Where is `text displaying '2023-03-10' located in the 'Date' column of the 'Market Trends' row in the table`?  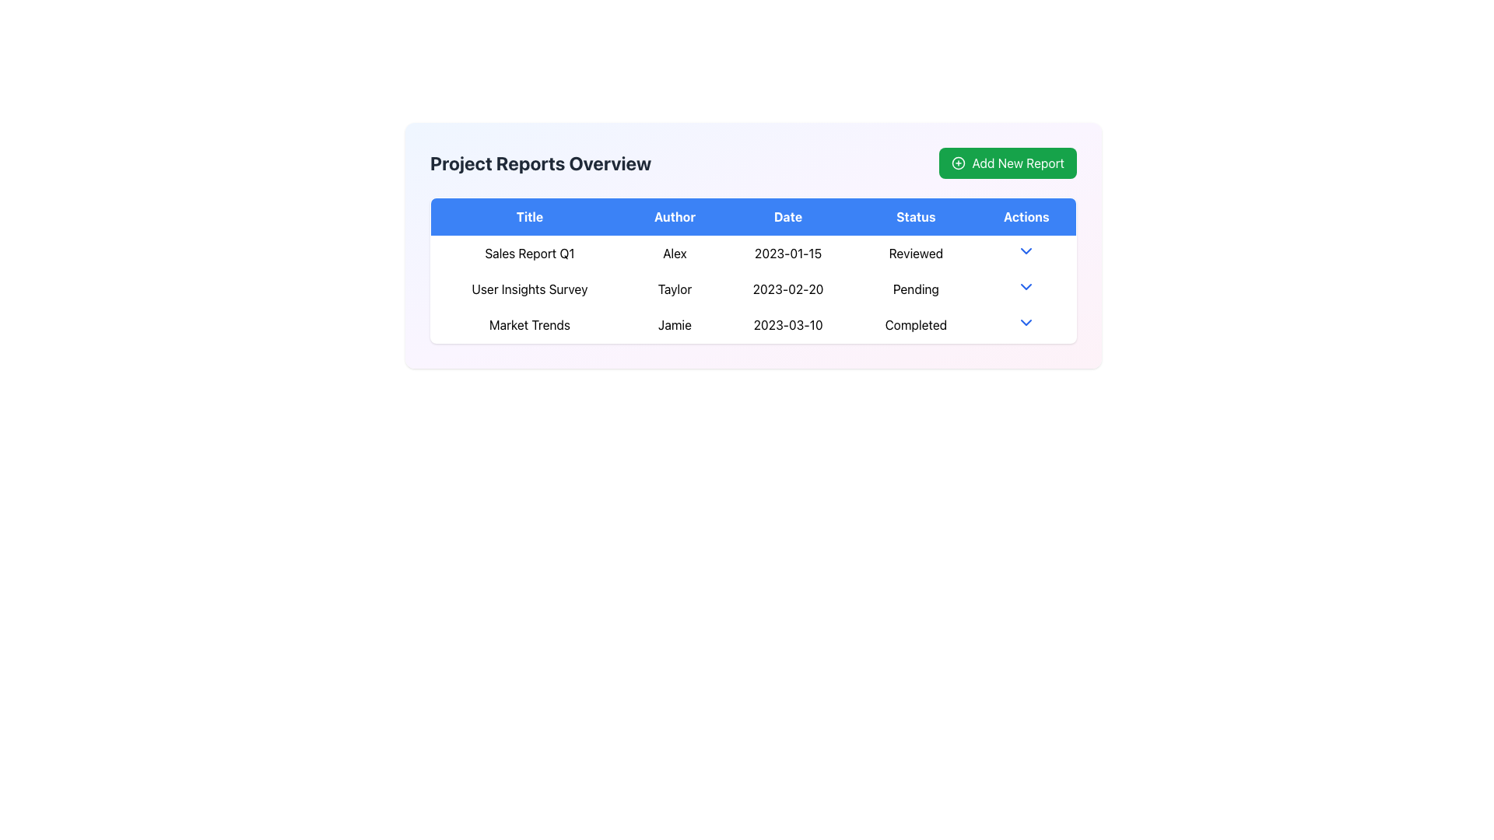 text displaying '2023-03-10' located in the 'Date' column of the 'Market Trends' row in the table is located at coordinates (787, 324).